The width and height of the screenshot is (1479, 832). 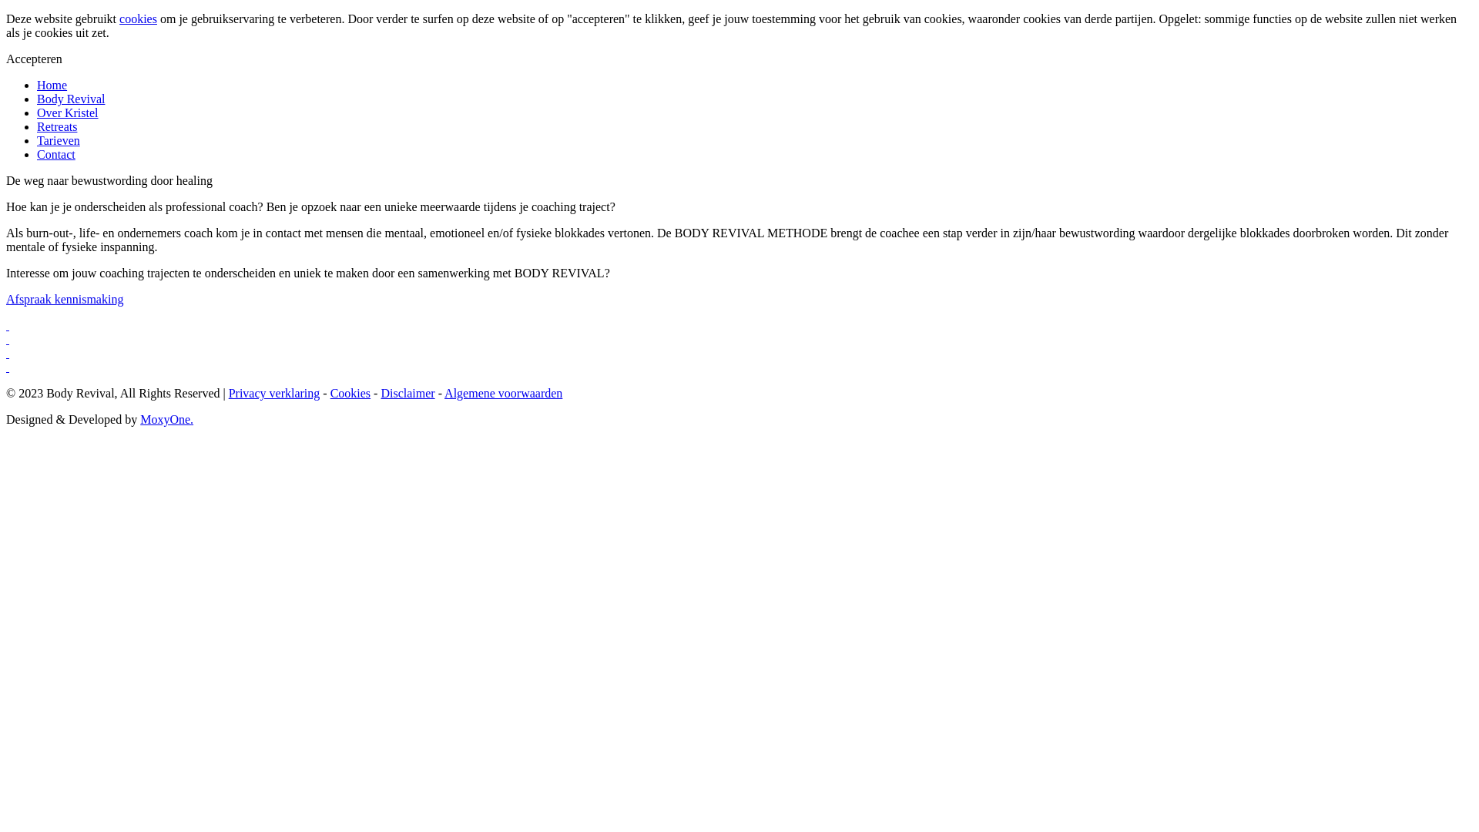 I want to click on 'Contact', so click(x=55, y=154).